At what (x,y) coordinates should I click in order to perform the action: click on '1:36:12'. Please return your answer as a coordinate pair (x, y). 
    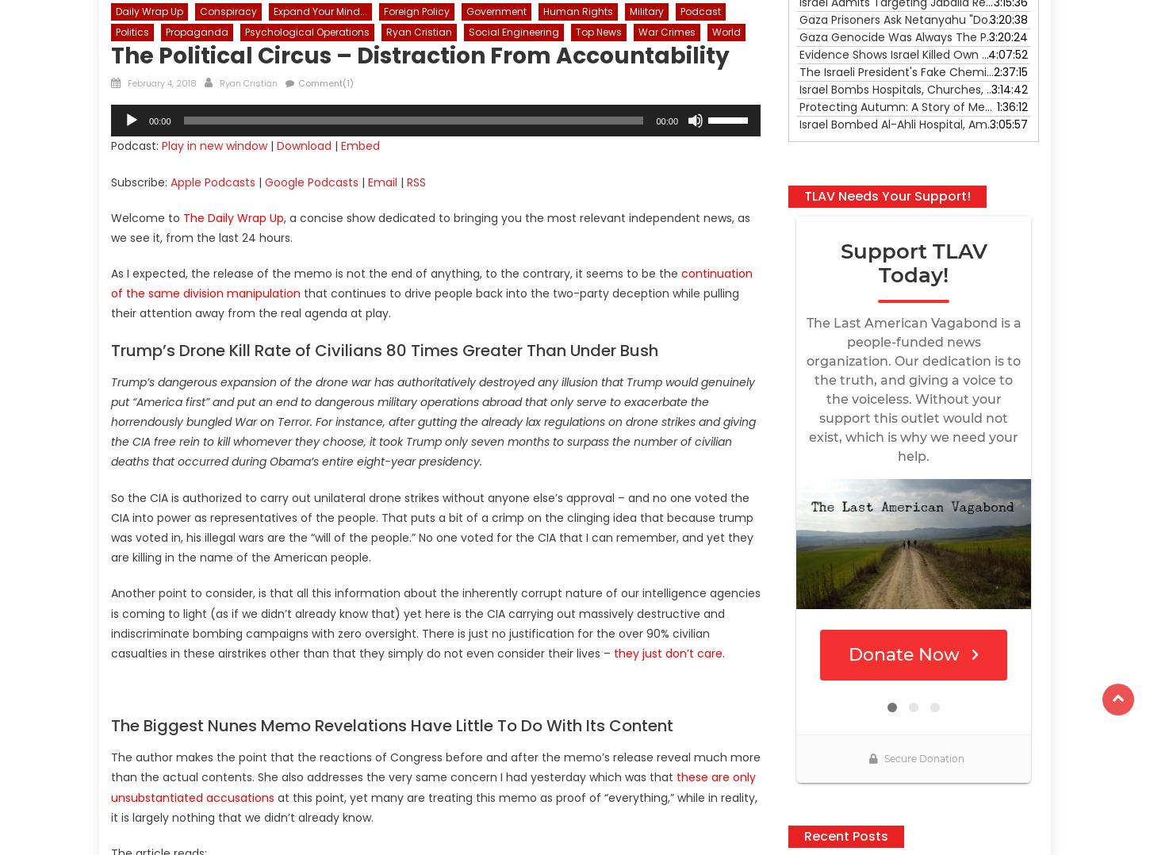
    Looking at the image, I should click on (1012, 105).